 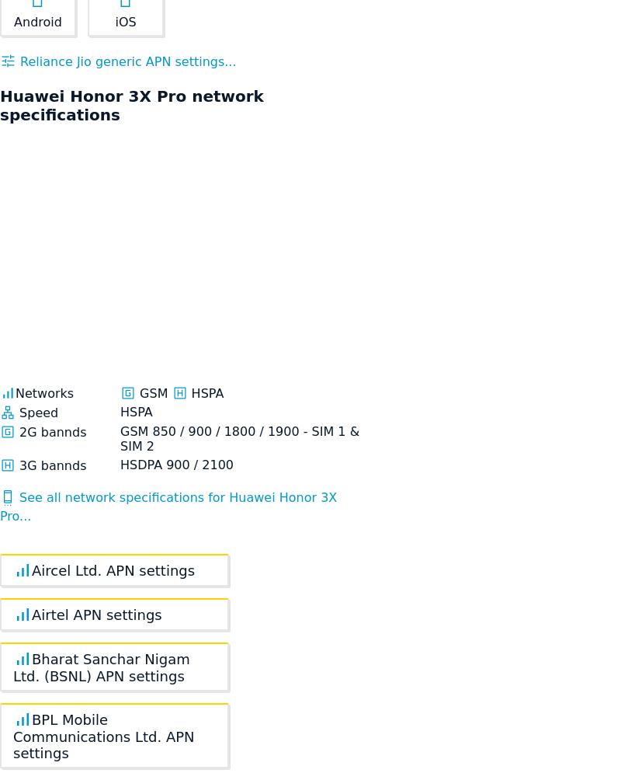 I want to click on 'Reliance Jio generic APN settings...', so click(x=126, y=61).